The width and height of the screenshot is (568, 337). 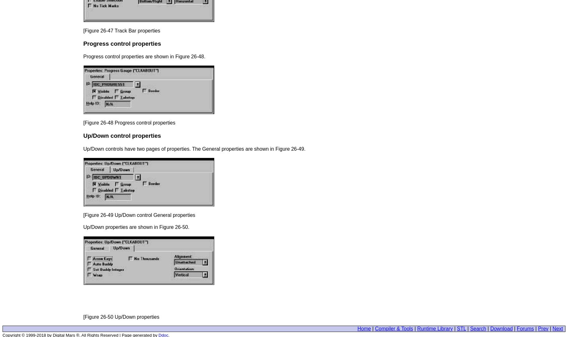 What do you see at coordinates (525, 328) in the screenshot?
I see `'Forums'` at bounding box center [525, 328].